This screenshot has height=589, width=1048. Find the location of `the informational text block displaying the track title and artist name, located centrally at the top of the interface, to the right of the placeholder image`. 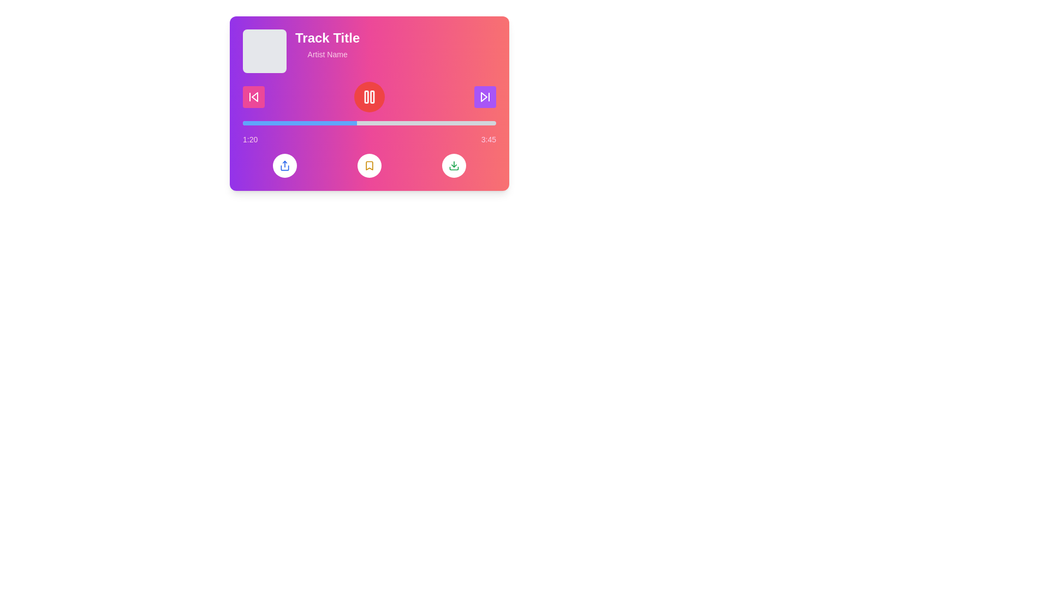

the informational text block displaying the track title and artist name, located centrally at the top of the interface, to the right of the placeholder image is located at coordinates (327, 51).